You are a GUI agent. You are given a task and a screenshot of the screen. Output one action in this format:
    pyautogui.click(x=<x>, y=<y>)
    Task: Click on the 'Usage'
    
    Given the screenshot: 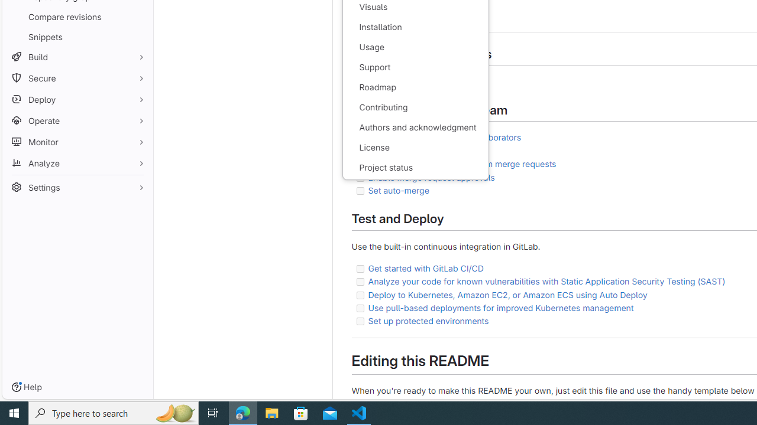 What is the action you would take?
    pyautogui.click(x=415, y=46)
    